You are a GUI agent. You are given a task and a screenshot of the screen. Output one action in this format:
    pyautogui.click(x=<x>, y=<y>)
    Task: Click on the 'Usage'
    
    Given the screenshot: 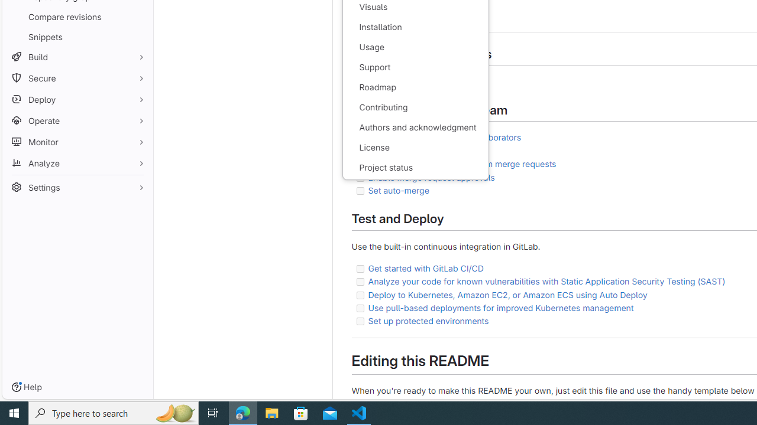 What is the action you would take?
    pyautogui.click(x=415, y=46)
    